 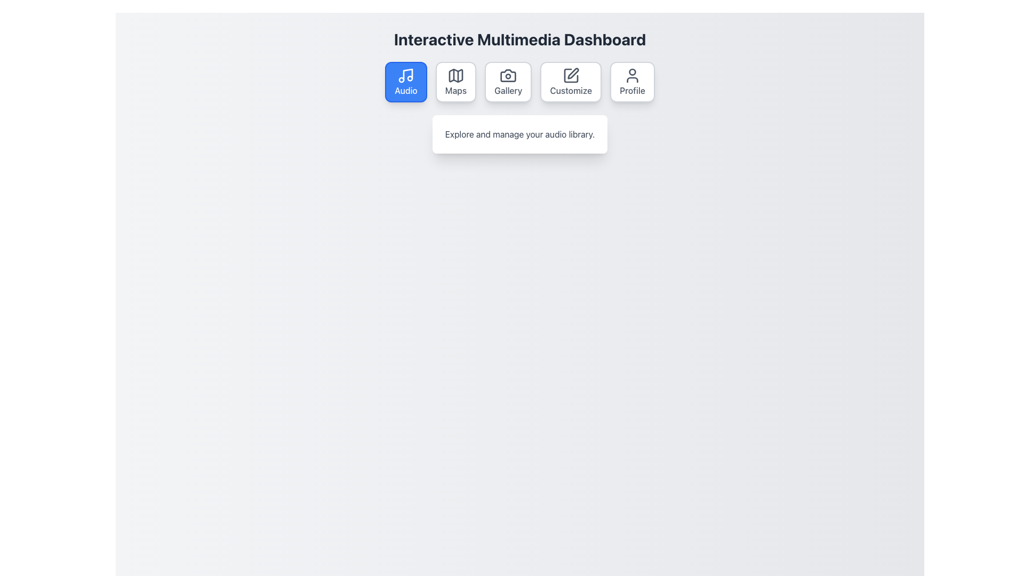 I want to click on the descriptive title text at the top of the dashboard interface, which informs users about the purpose and context of the dashboard, so click(x=519, y=38).